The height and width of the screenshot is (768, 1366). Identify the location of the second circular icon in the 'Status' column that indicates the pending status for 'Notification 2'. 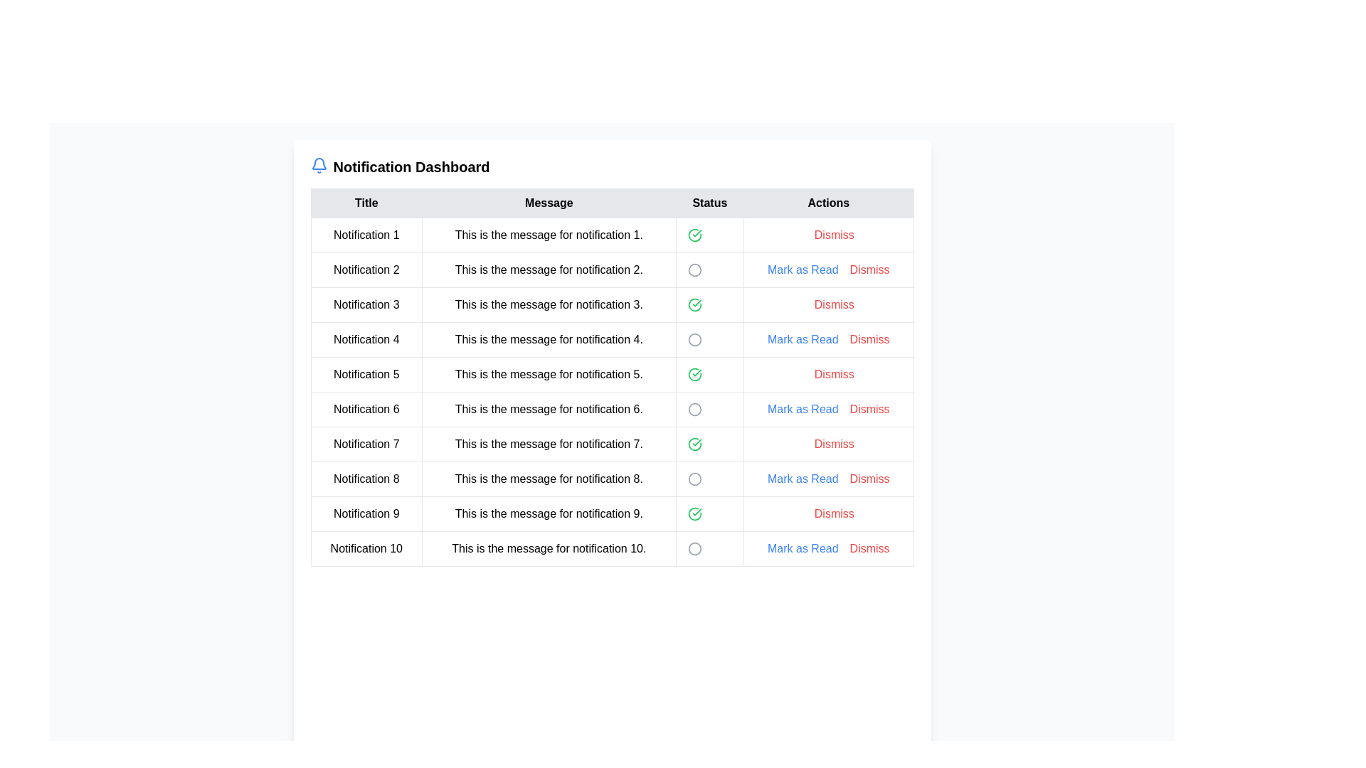
(694, 270).